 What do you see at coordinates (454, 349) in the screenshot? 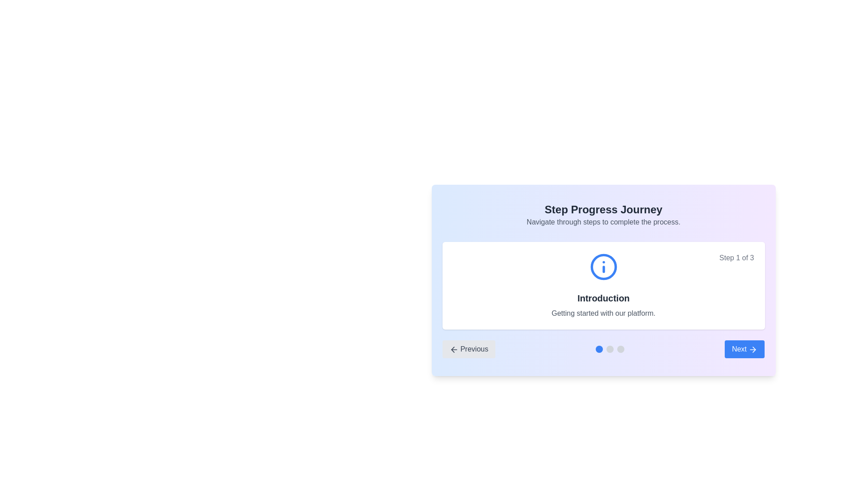
I see `the left-pointing arrow icon within the 'Previous' button` at bounding box center [454, 349].